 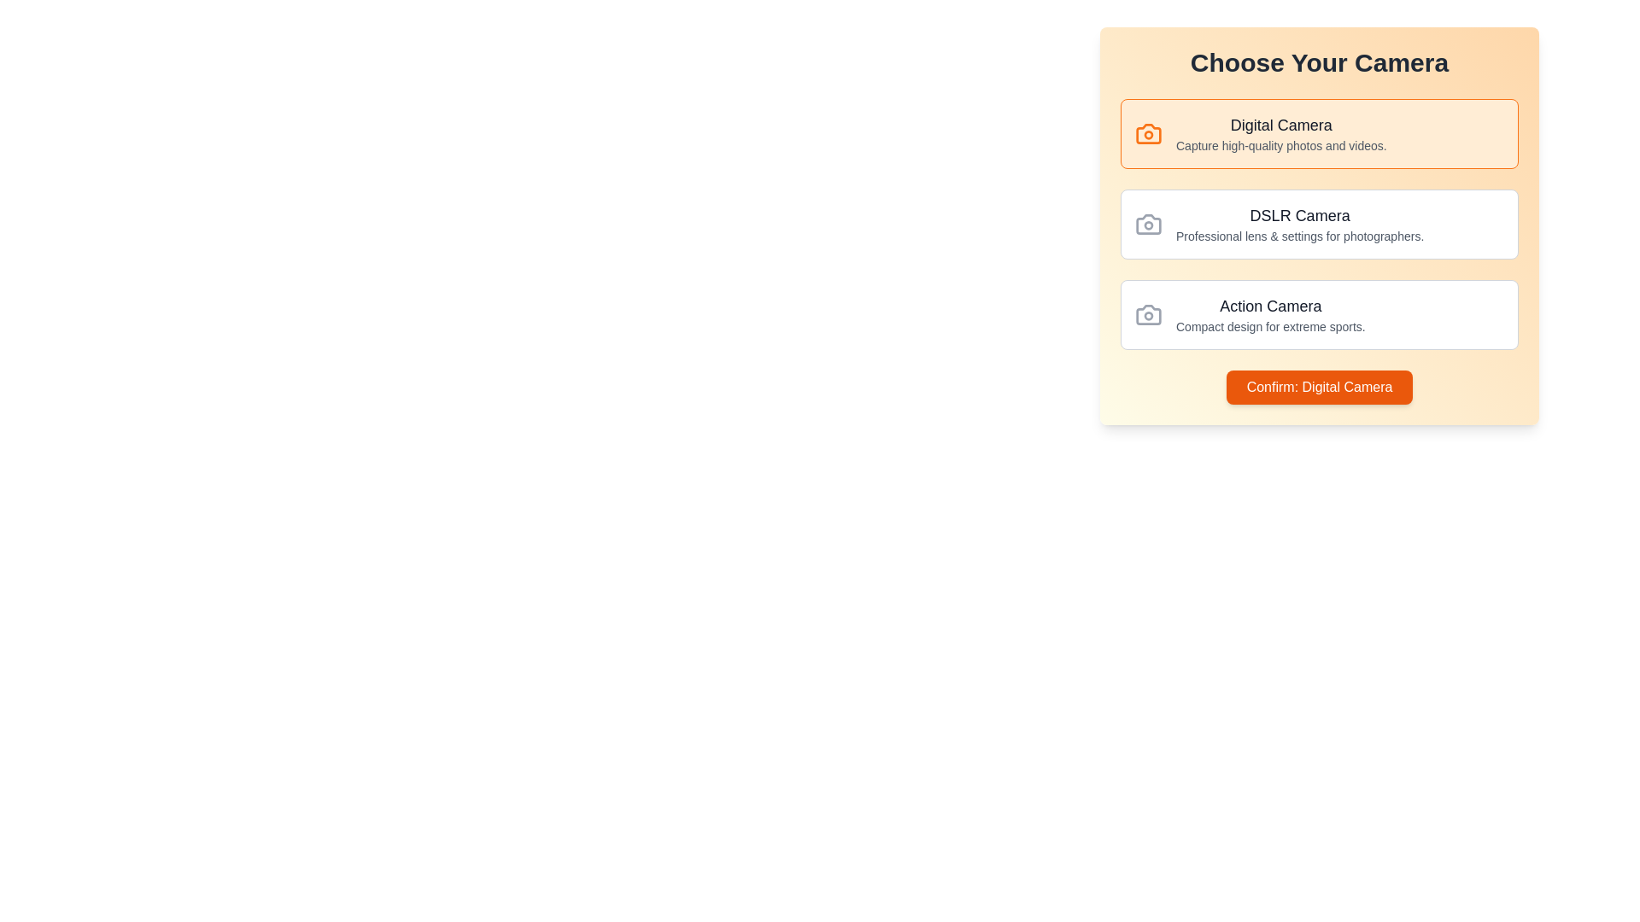 What do you see at coordinates (1319, 315) in the screenshot?
I see `to select the 'Action Camera' option, which is the third choice in a vertical list beneath the 'DSLR Camera' option` at bounding box center [1319, 315].